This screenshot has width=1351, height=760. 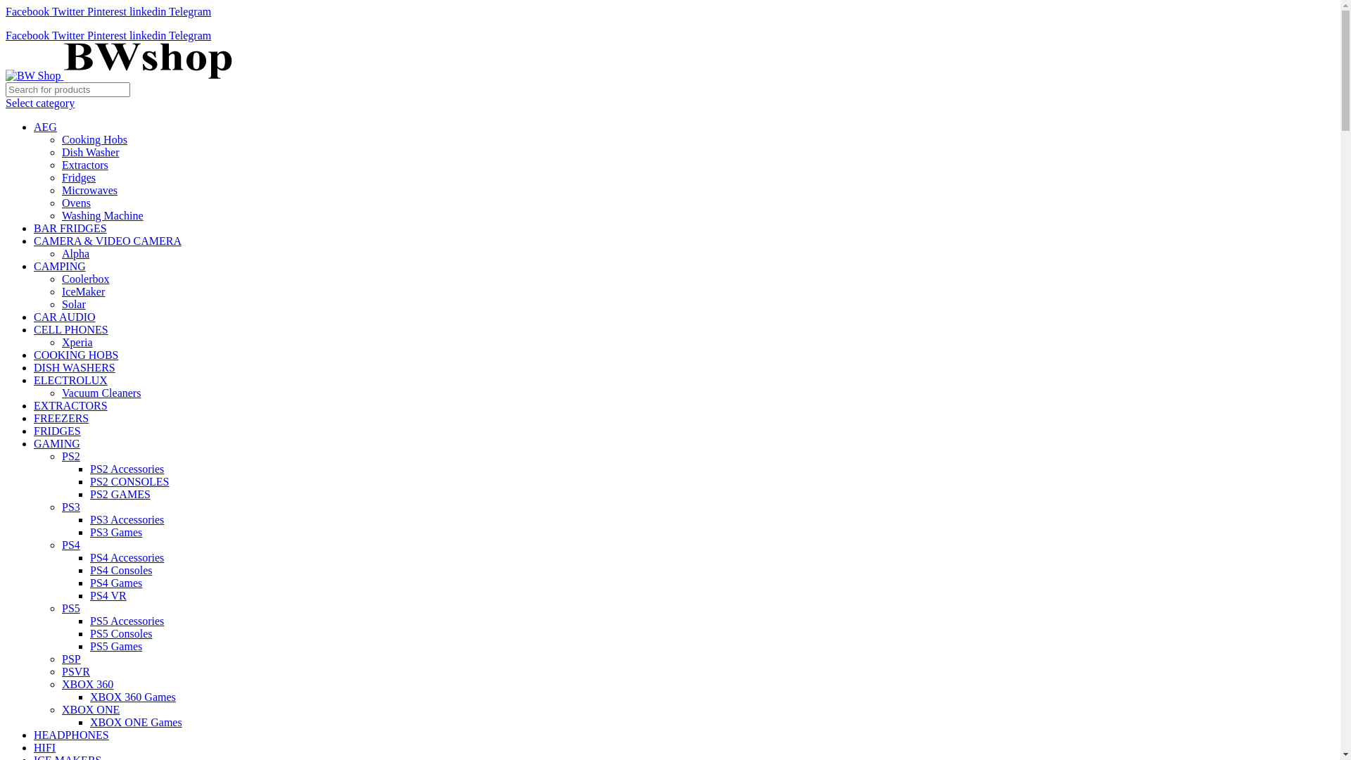 I want to click on 'PS5', so click(x=61, y=607).